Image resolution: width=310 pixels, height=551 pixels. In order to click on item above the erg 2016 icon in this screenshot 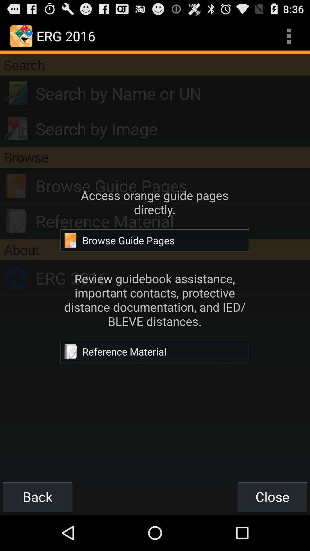, I will do `click(155, 249)`.